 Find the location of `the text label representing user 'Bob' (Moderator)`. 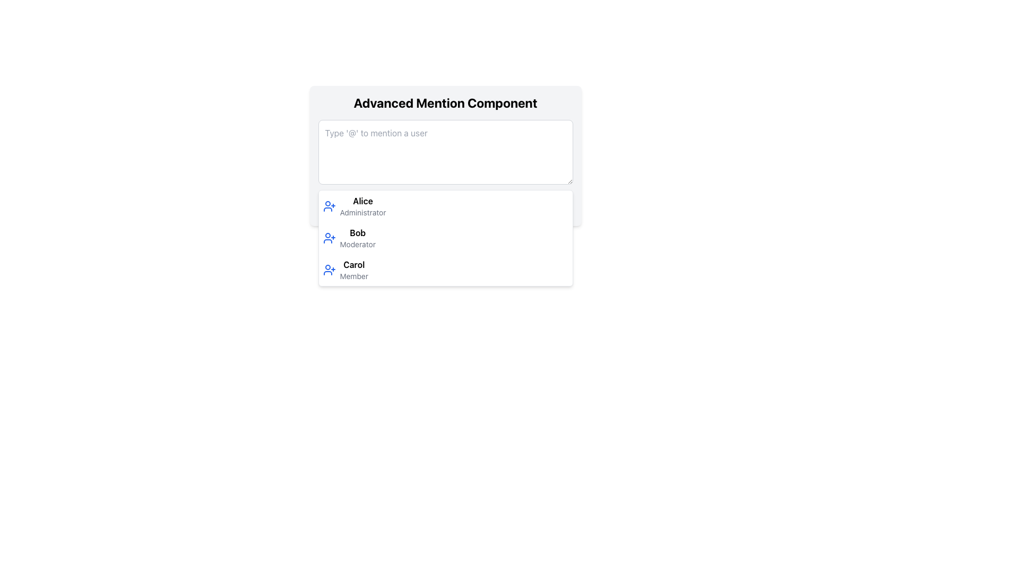

the text label representing user 'Bob' (Moderator) is located at coordinates (358, 237).